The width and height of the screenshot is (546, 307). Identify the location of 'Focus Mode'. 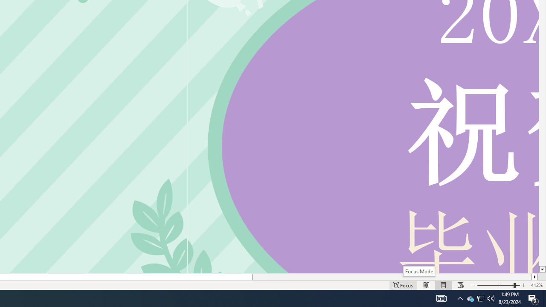
(419, 271).